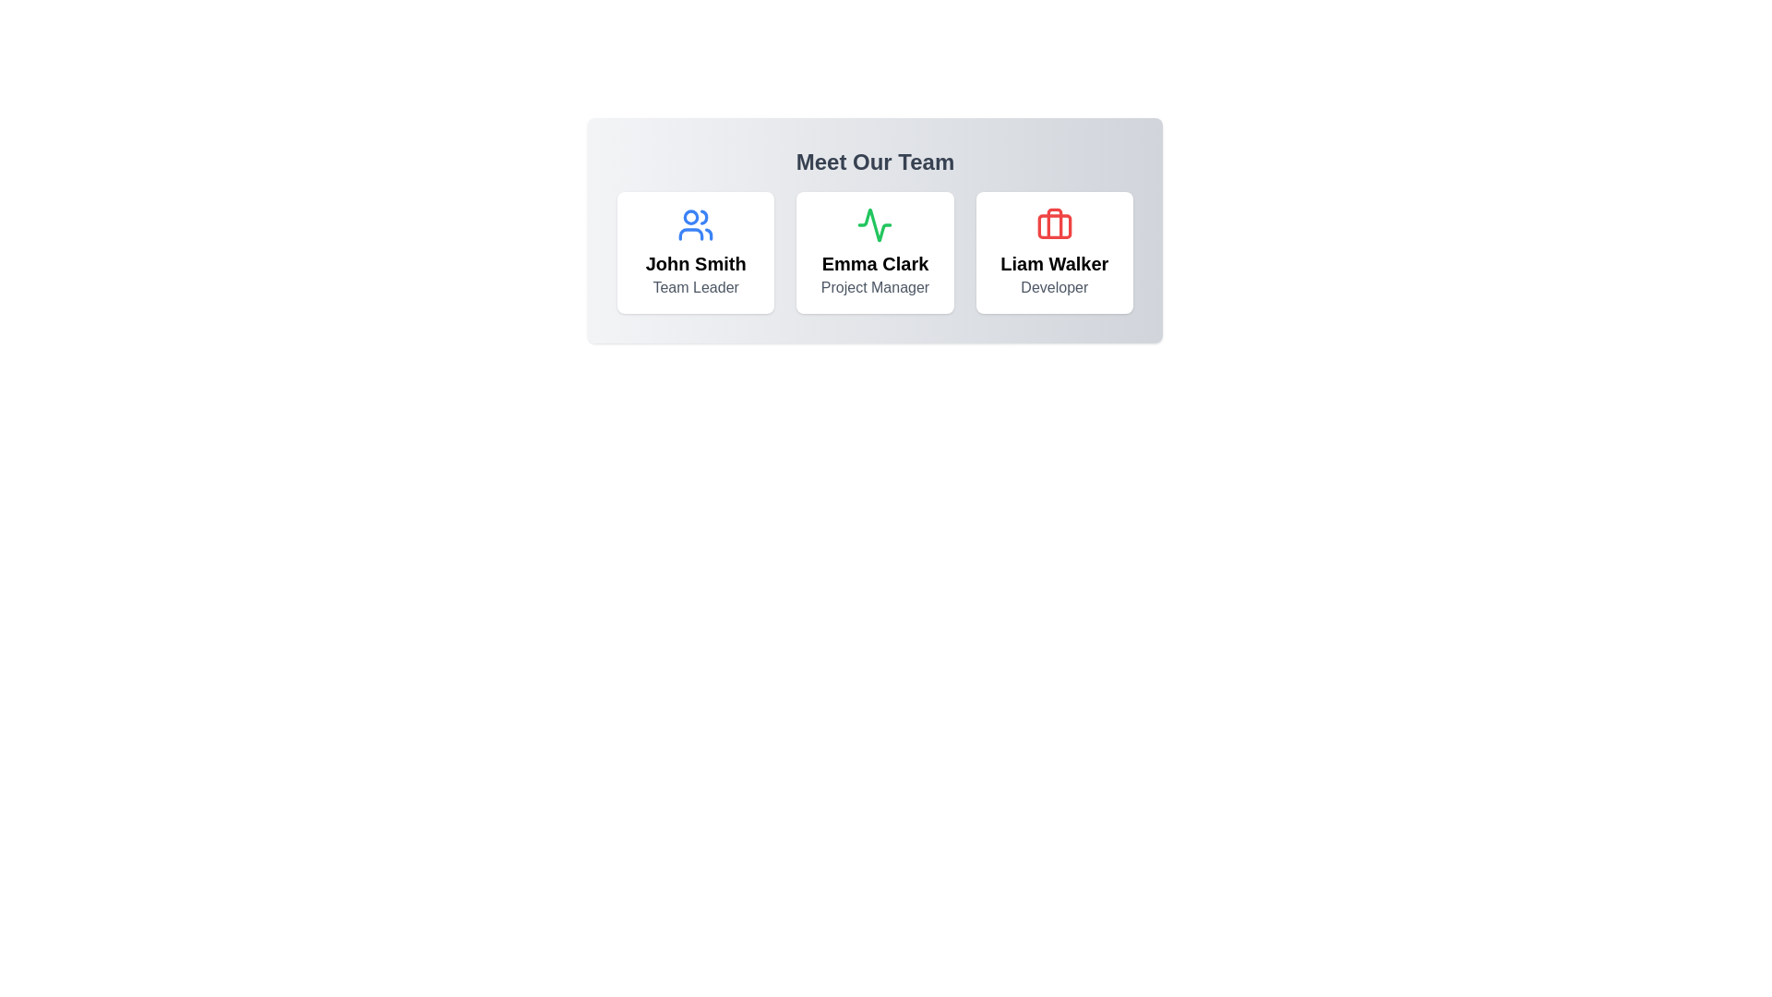 This screenshot has height=997, width=1772. What do you see at coordinates (1054, 223) in the screenshot?
I see `the red briefcase icon located above the text of Liam Walker's profile, which serves as a visual cue for his identity` at bounding box center [1054, 223].